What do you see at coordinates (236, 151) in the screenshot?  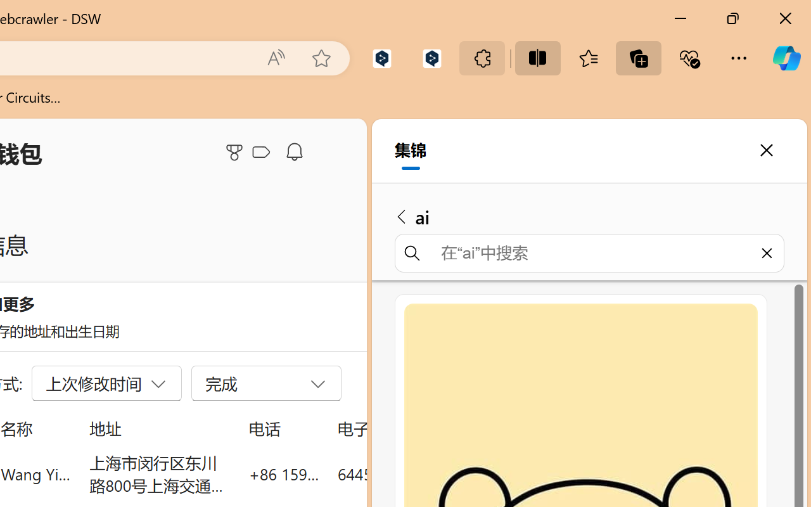 I see `'Microsoft Rewards'` at bounding box center [236, 151].